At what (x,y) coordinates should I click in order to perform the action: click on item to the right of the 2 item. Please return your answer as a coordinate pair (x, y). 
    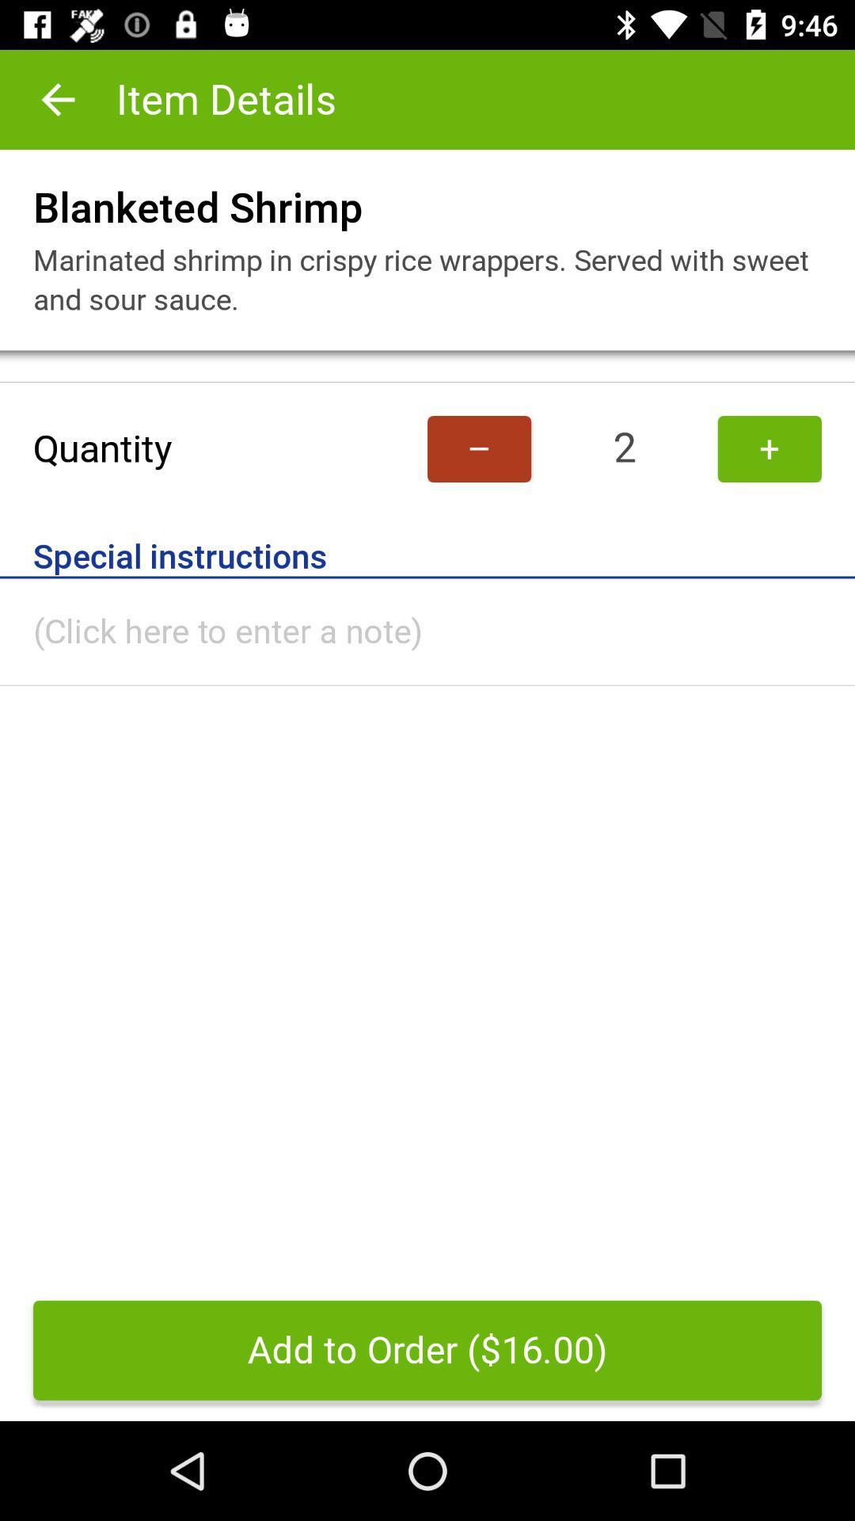
    Looking at the image, I should click on (769, 448).